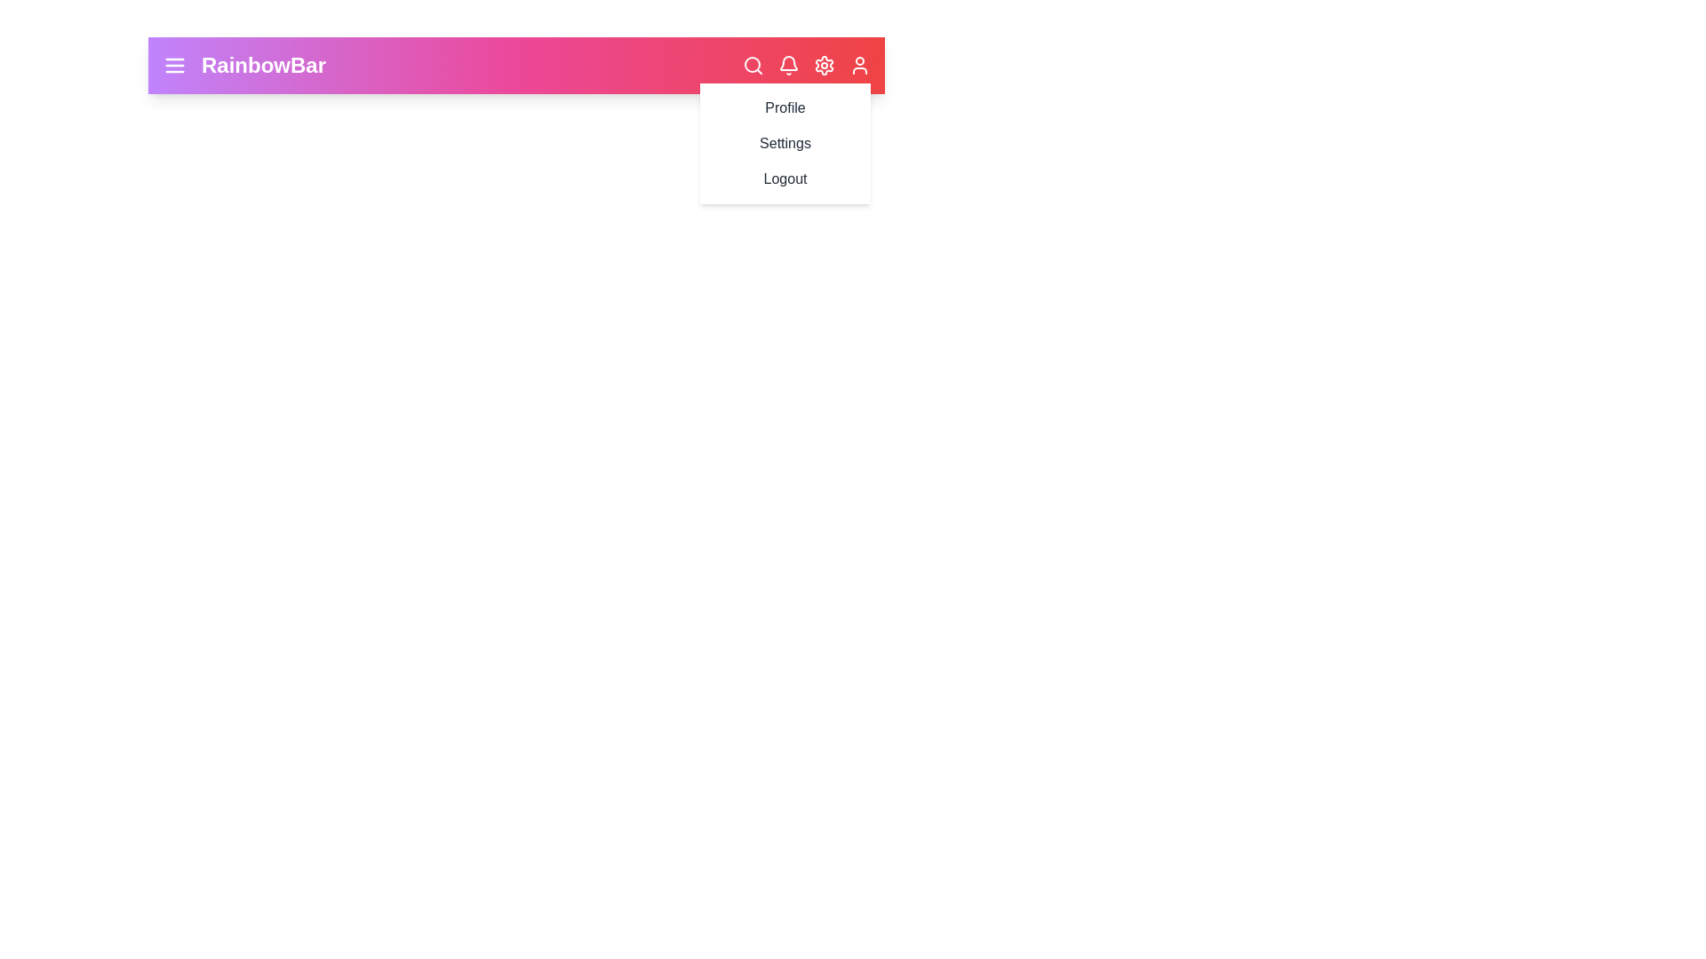 The image size is (1706, 959). What do you see at coordinates (788, 64) in the screenshot?
I see `the bell icon to view notifications` at bounding box center [788, 64].